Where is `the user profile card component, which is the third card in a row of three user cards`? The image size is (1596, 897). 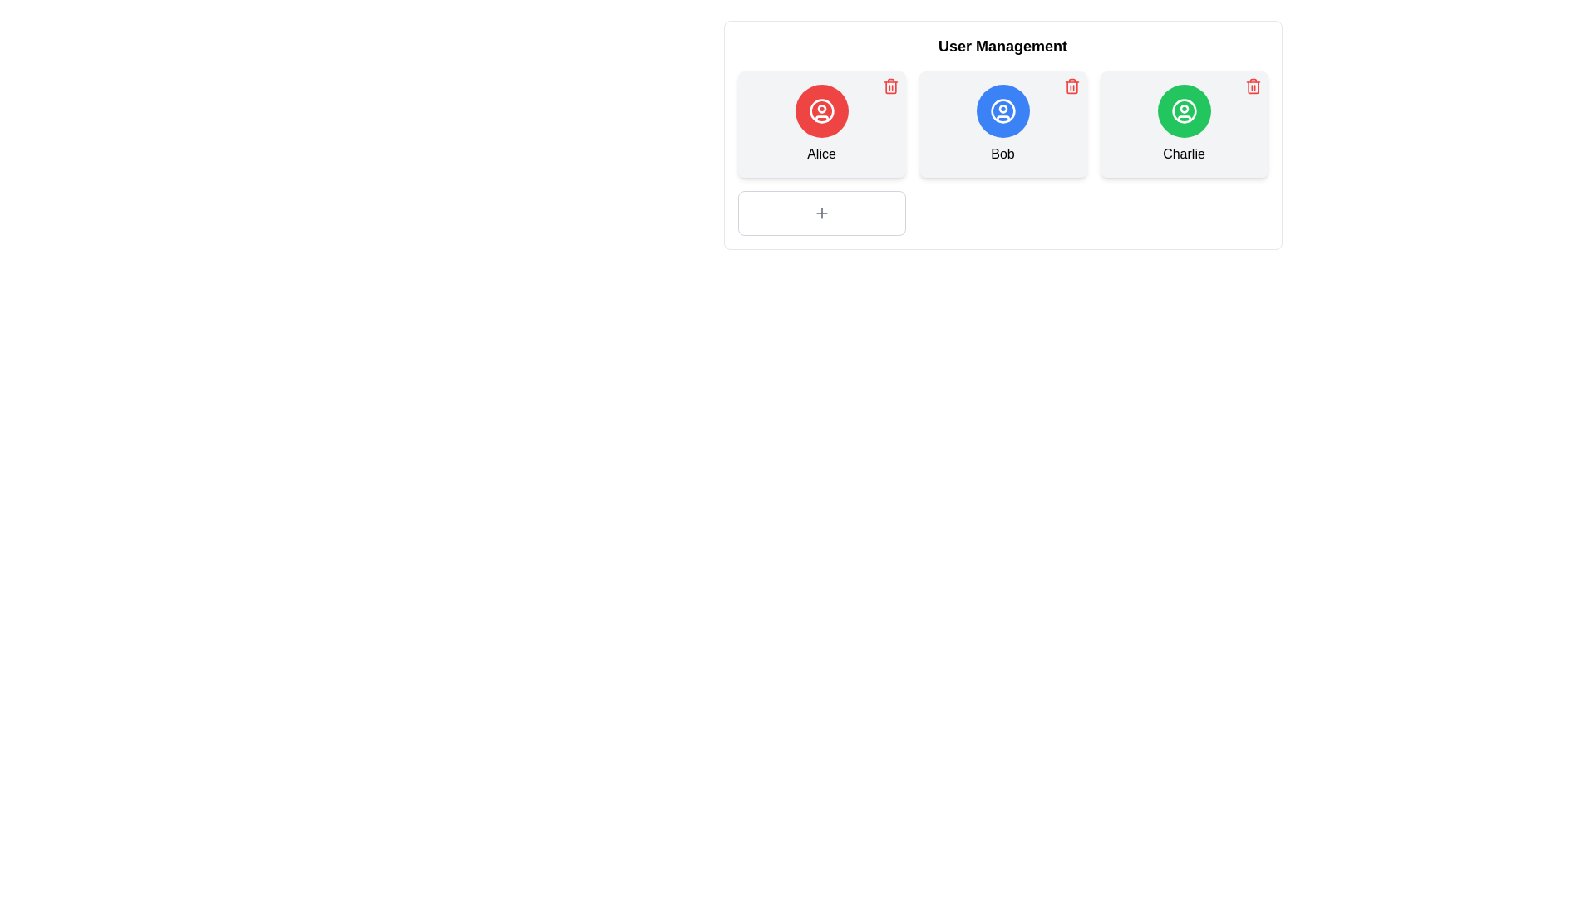 the user profile card component, which is the third card in a row of three user cards is located at coordinates (1183, 124).